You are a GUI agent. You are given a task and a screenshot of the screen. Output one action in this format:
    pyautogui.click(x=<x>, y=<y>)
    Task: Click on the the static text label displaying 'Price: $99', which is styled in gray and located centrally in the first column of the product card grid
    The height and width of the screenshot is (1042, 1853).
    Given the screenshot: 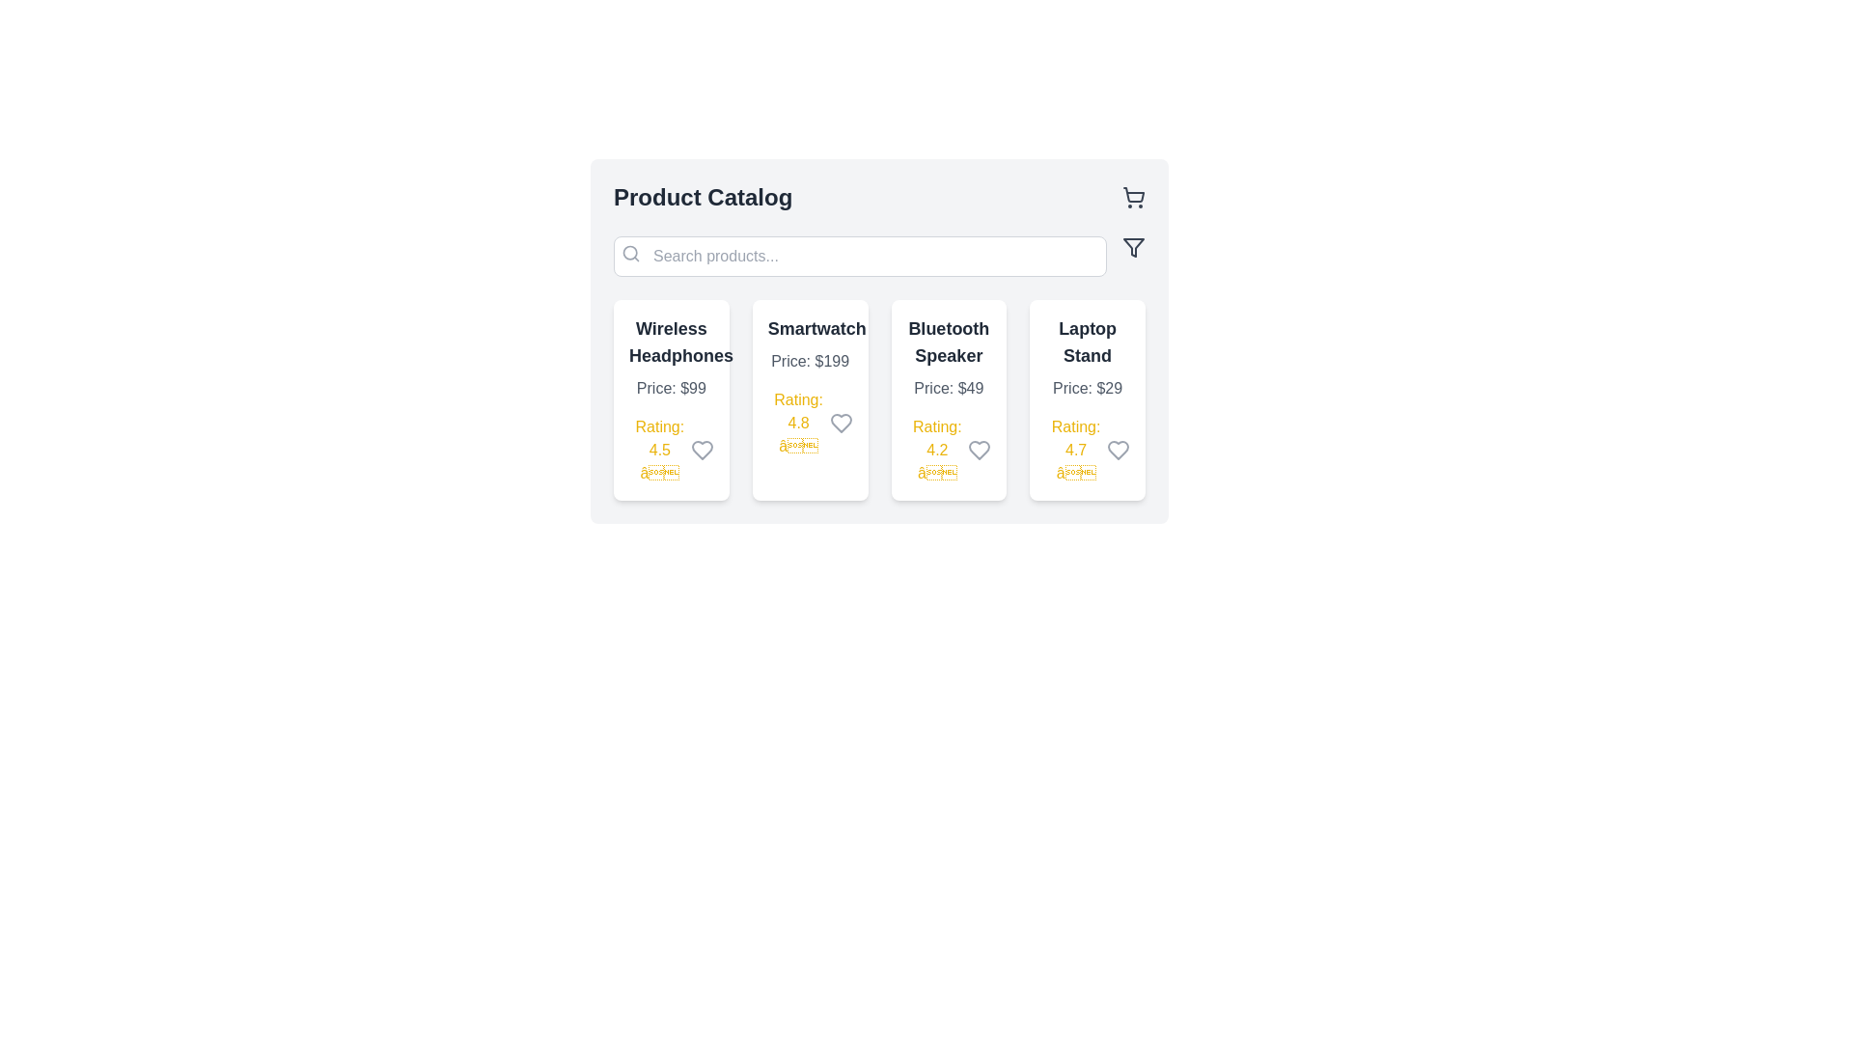 What is the action you would take?
    pyautogui.click(x=671, y=388)
    